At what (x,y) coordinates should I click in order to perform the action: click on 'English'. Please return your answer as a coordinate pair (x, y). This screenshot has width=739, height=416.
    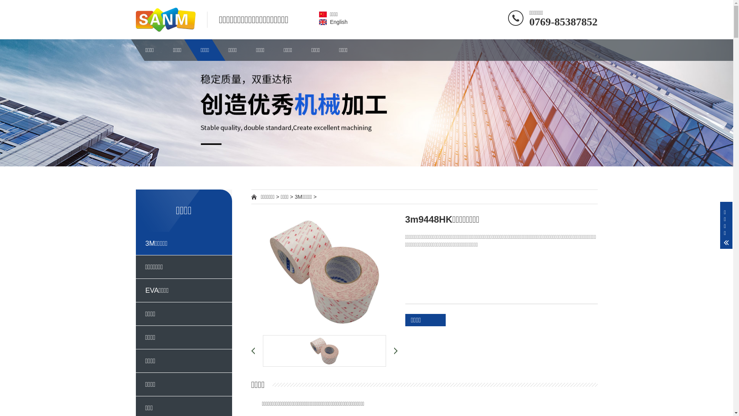
    Looking at the image, I should click on (333, 22).